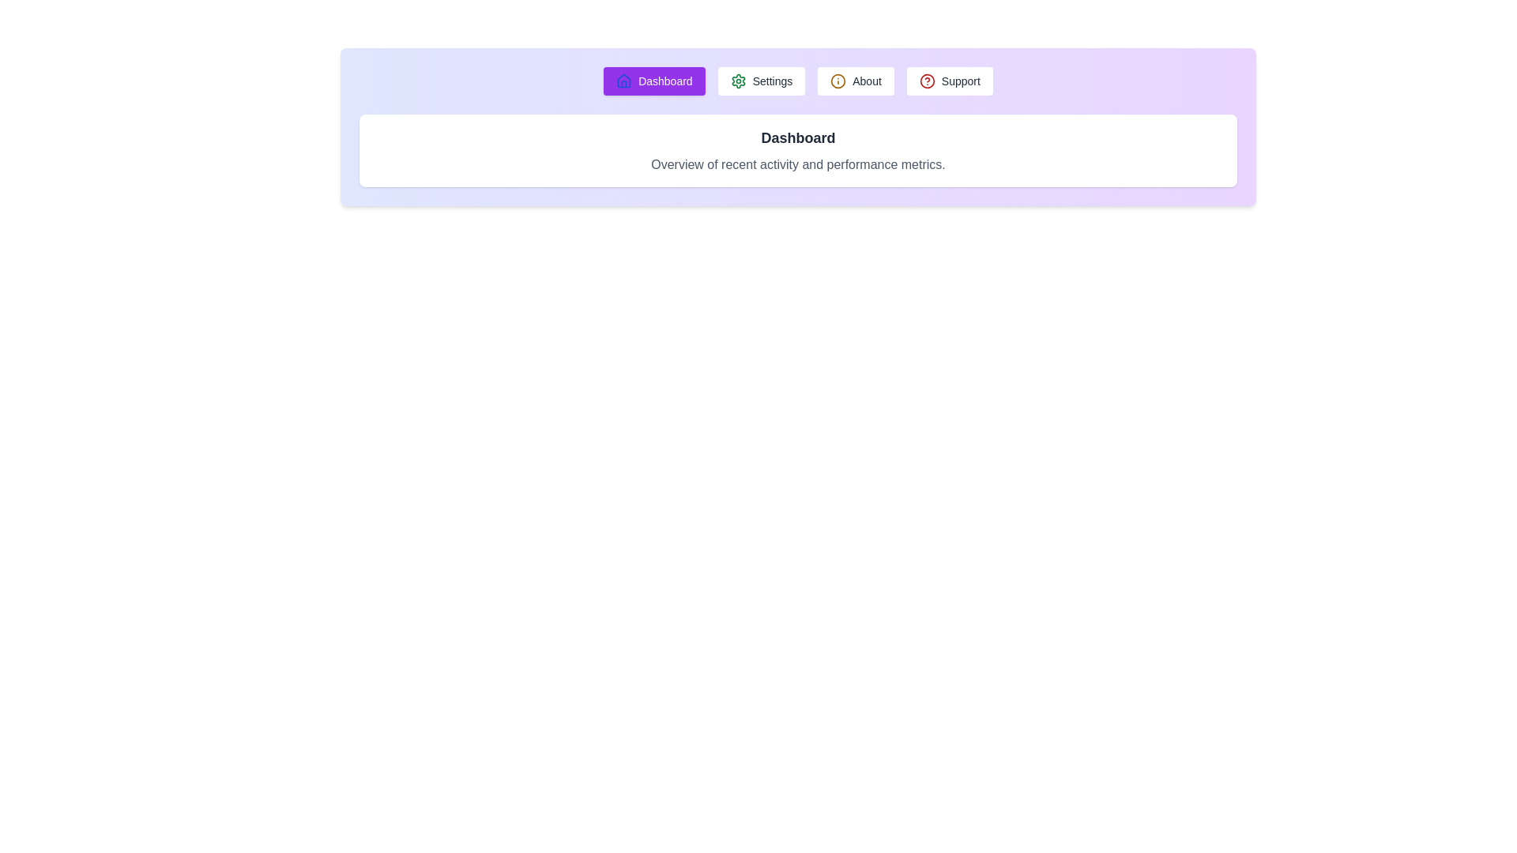 Image resolution: width=1517 pixels, height=853 pixels. What do you see at coordinates (761, 81) in the screenshot?
I see `the tab labeled Settings` at bounding box center [761, 81].